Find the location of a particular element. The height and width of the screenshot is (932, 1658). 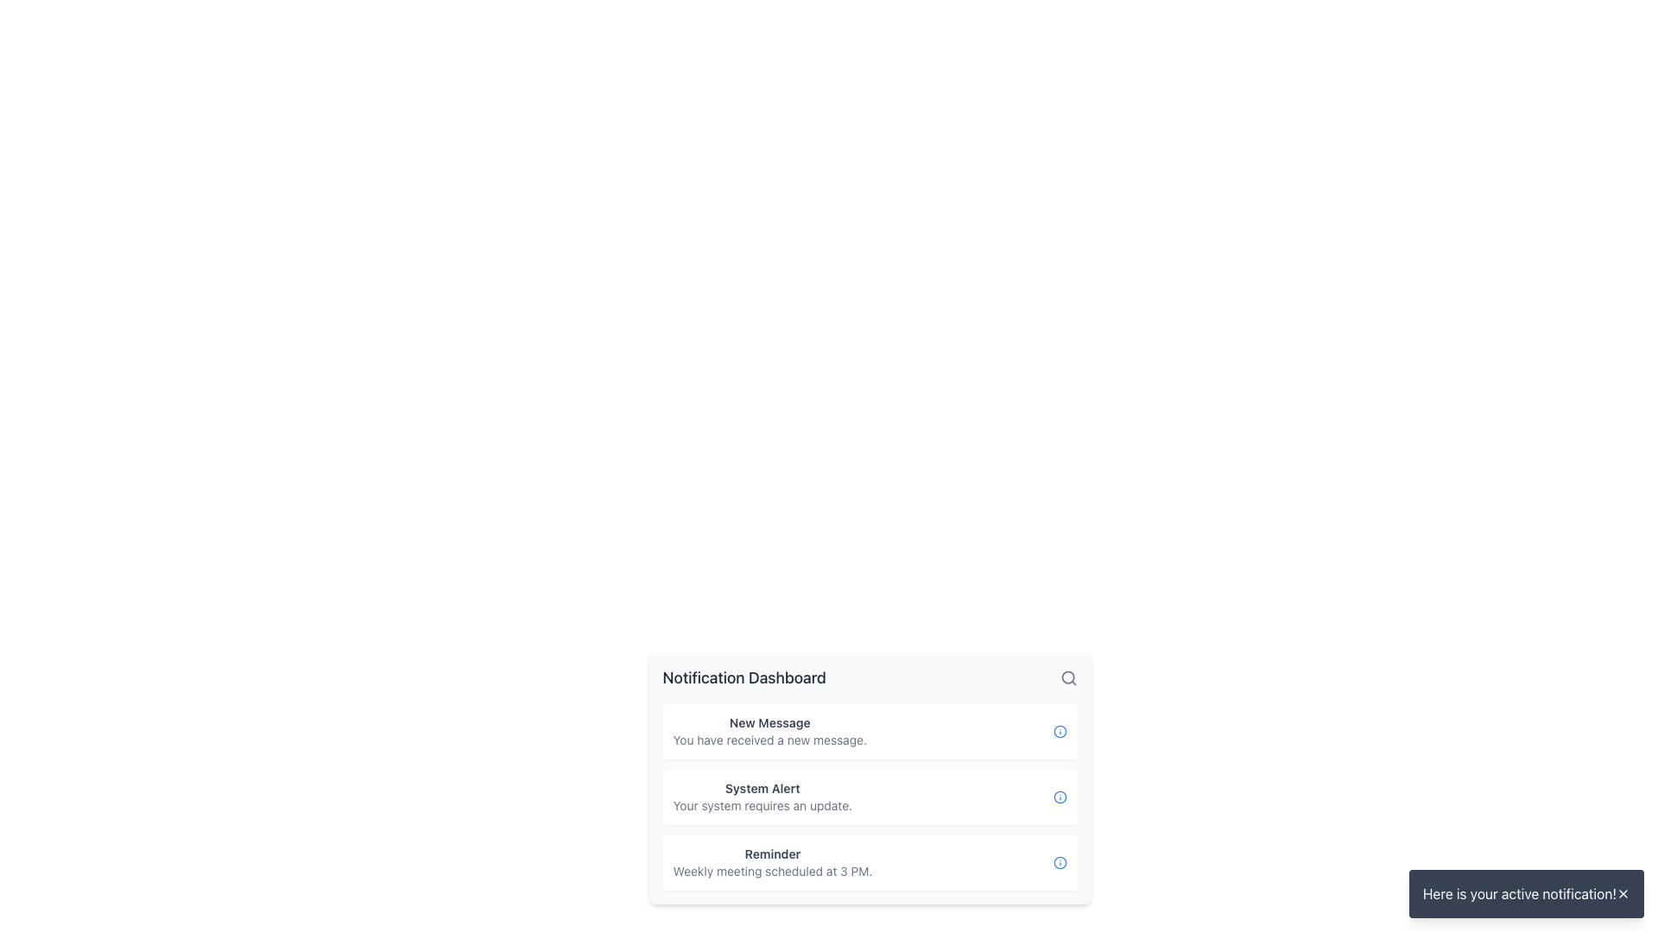

the small circular icon of the magnifying glass symbol located at the top-right corner of the Notification Dashboard header is located at coordinates (1066, 677).